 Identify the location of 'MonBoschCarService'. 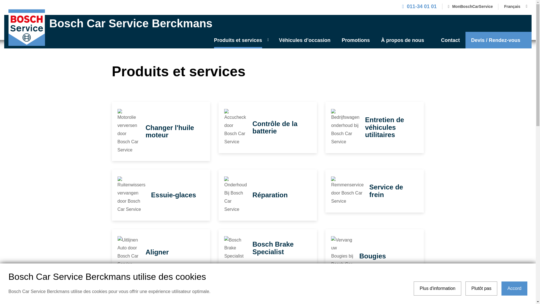
(442, 6).